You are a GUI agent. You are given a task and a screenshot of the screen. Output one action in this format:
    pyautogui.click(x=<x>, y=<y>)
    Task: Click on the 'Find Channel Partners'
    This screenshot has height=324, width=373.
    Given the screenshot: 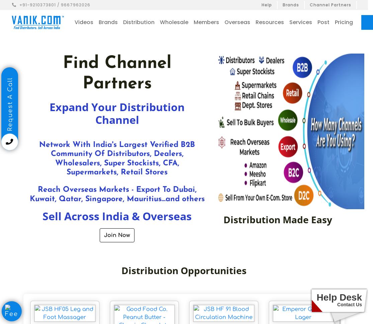 What is the action you would take?
    pyautogui.click(x=116, y=73)
    